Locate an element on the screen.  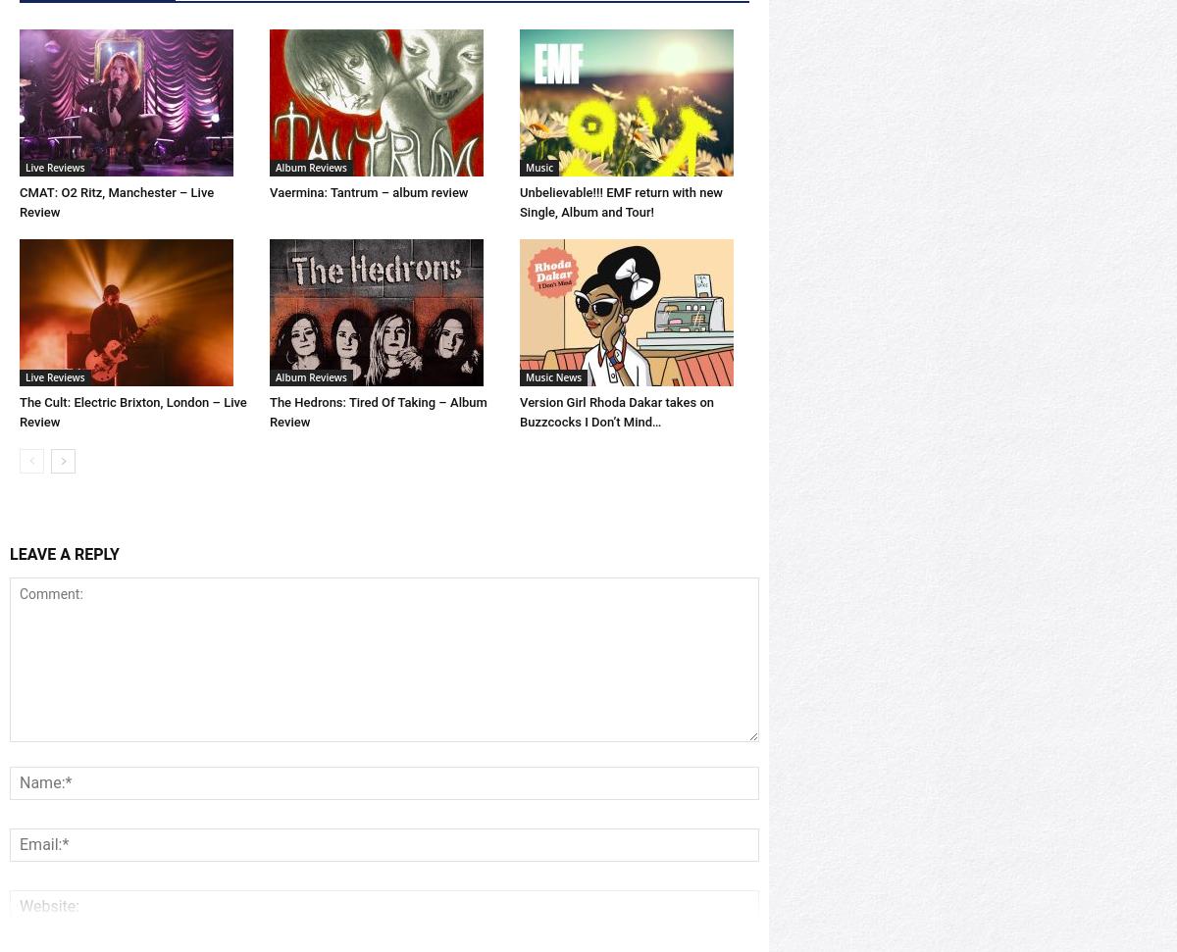
'RELATED ARTICLES' is located at coordinates (97, 54).